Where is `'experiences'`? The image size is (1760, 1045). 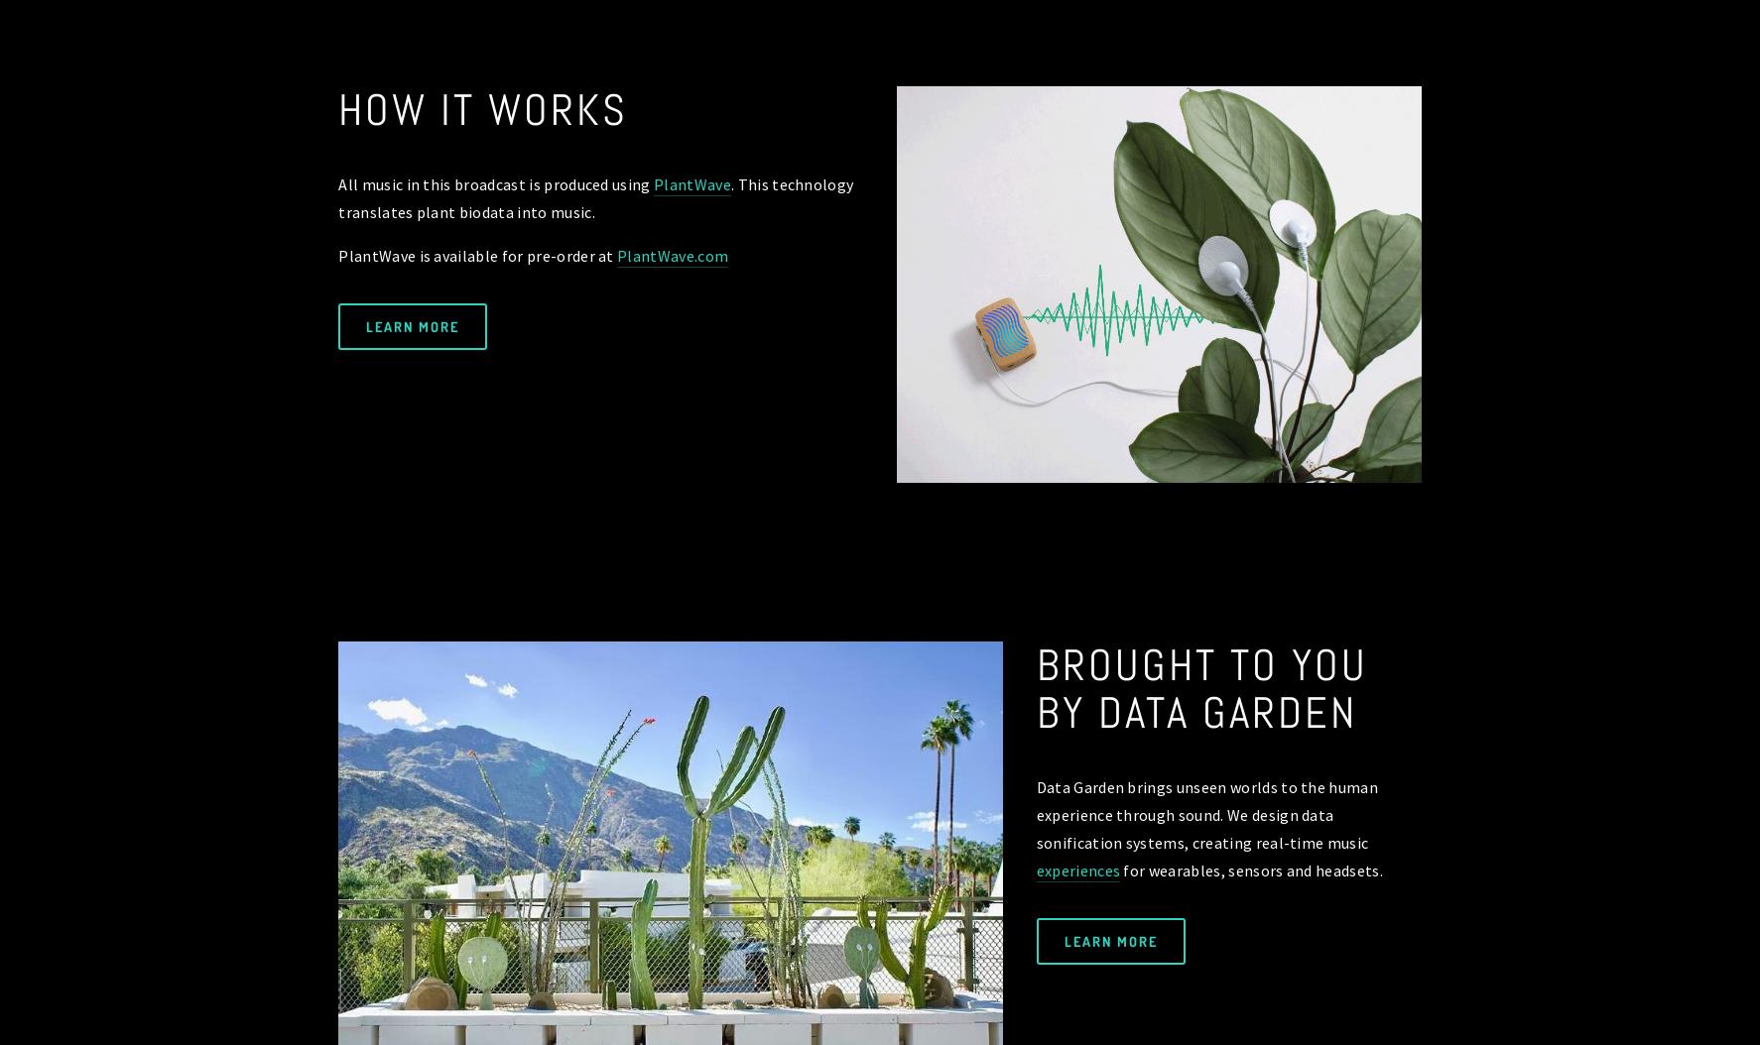 'experiences' is located at coordinates (1076, 870).